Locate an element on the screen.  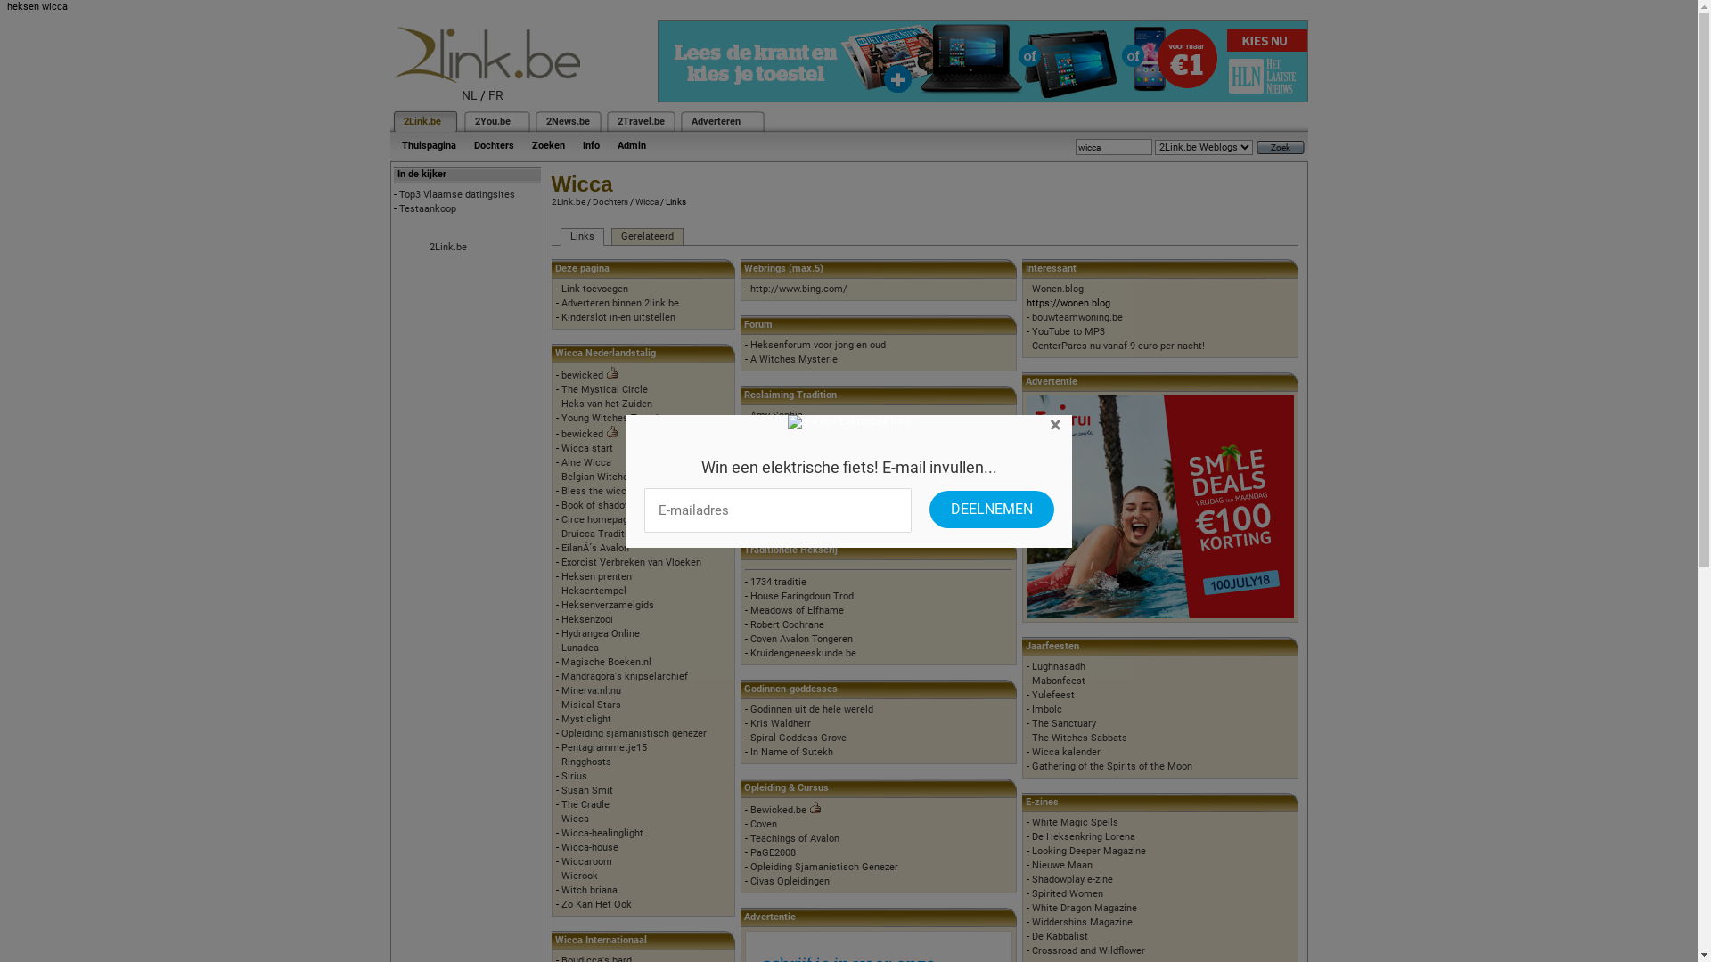
'Dochters' is located at coordinates (494, 144).